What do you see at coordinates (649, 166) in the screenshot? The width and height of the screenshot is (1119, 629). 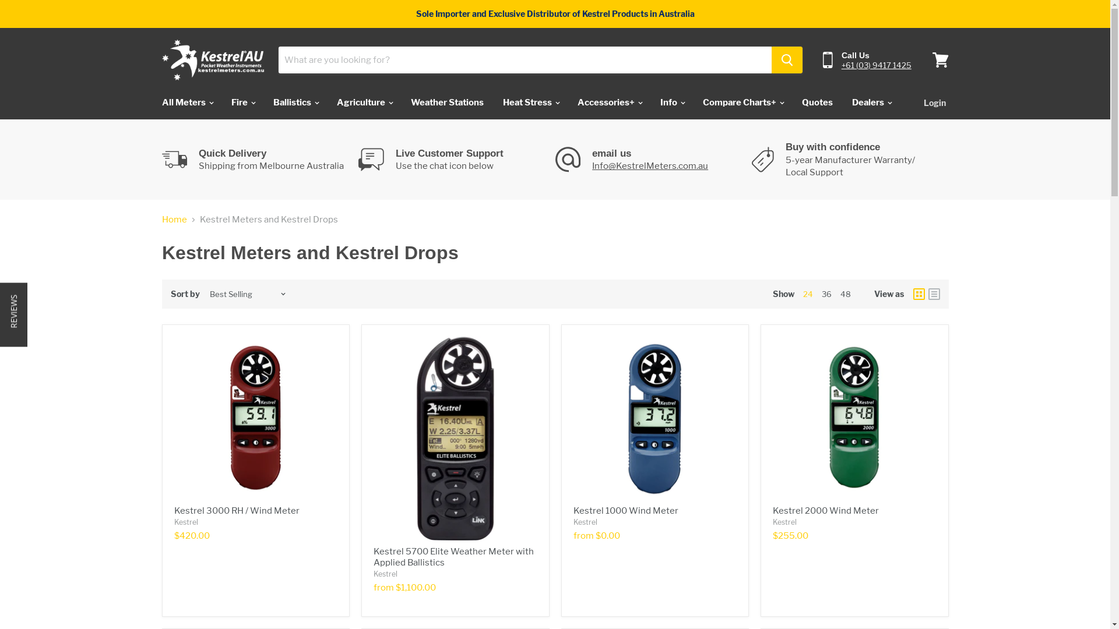 I see `'Info@KestrelMeters.com.au'` at bounding box center [649, 166].